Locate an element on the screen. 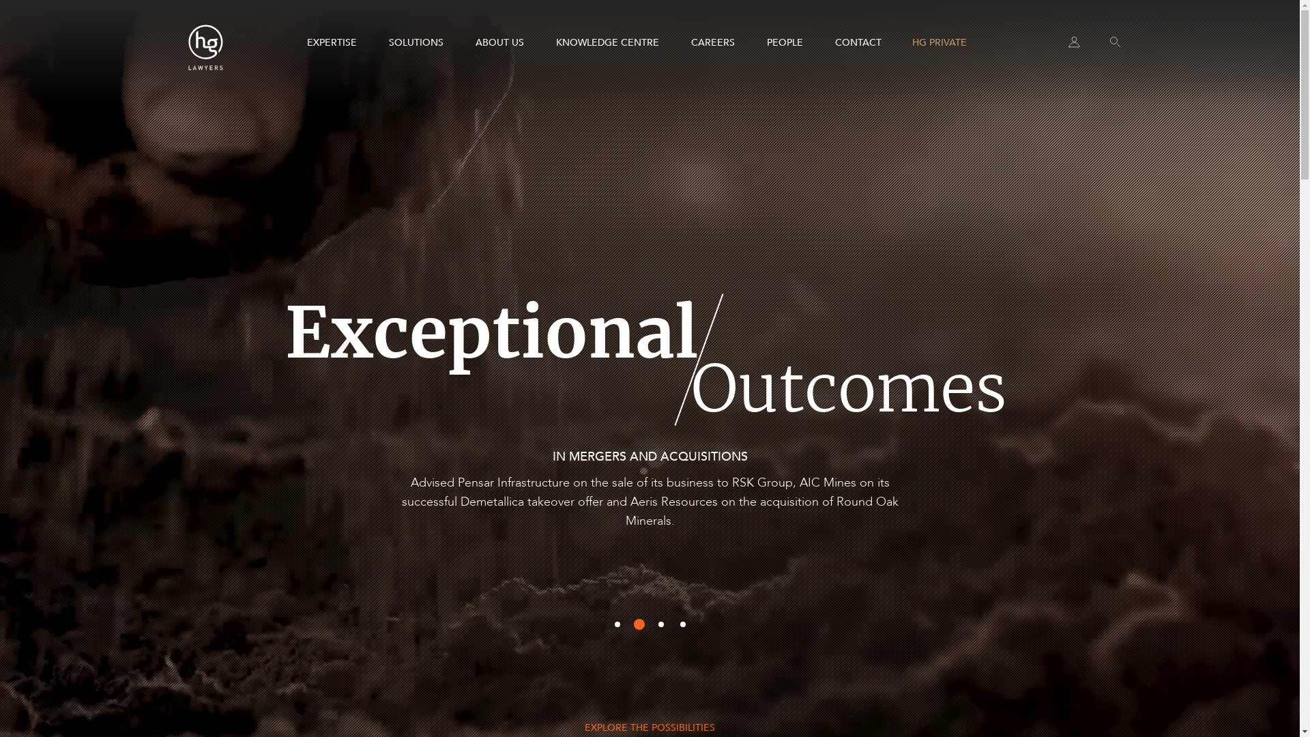 The height and width of the screenshot is (737, 1310). 'CONTACT' is located at coordinates (857, 42).